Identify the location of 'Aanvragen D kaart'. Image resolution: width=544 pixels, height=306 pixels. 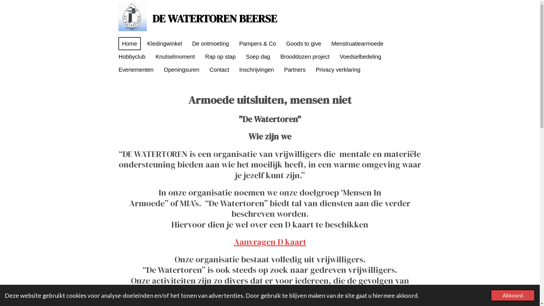
(269, 242).